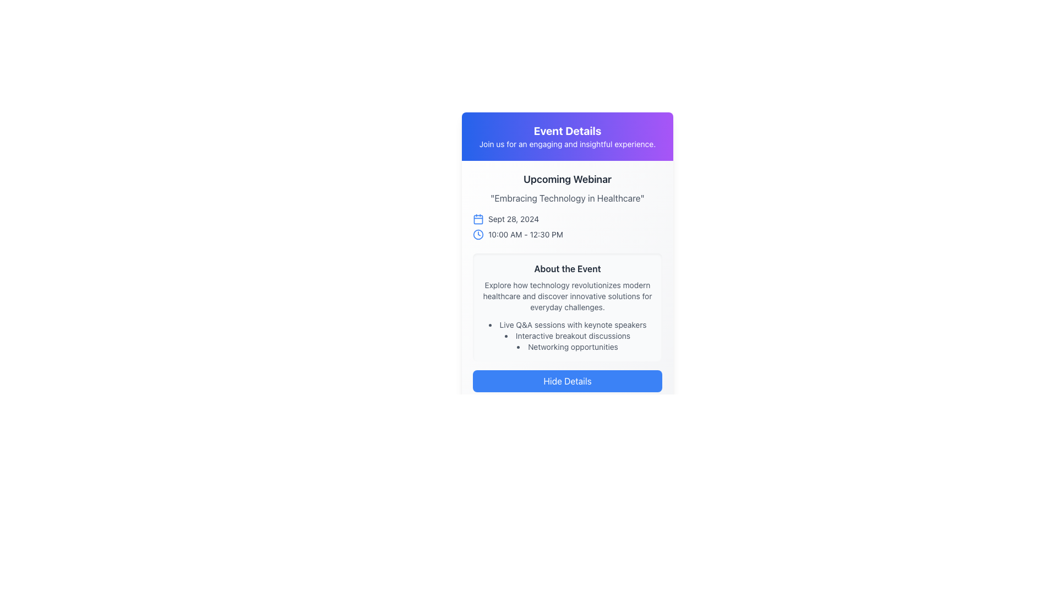 The height and width of the screenshot is (595, 1057). I want to click on date displayed in the small gray font text label showing 'Sept 28, 2024', which is positioned to the right of the blue calendar icon, so click(513, 219).